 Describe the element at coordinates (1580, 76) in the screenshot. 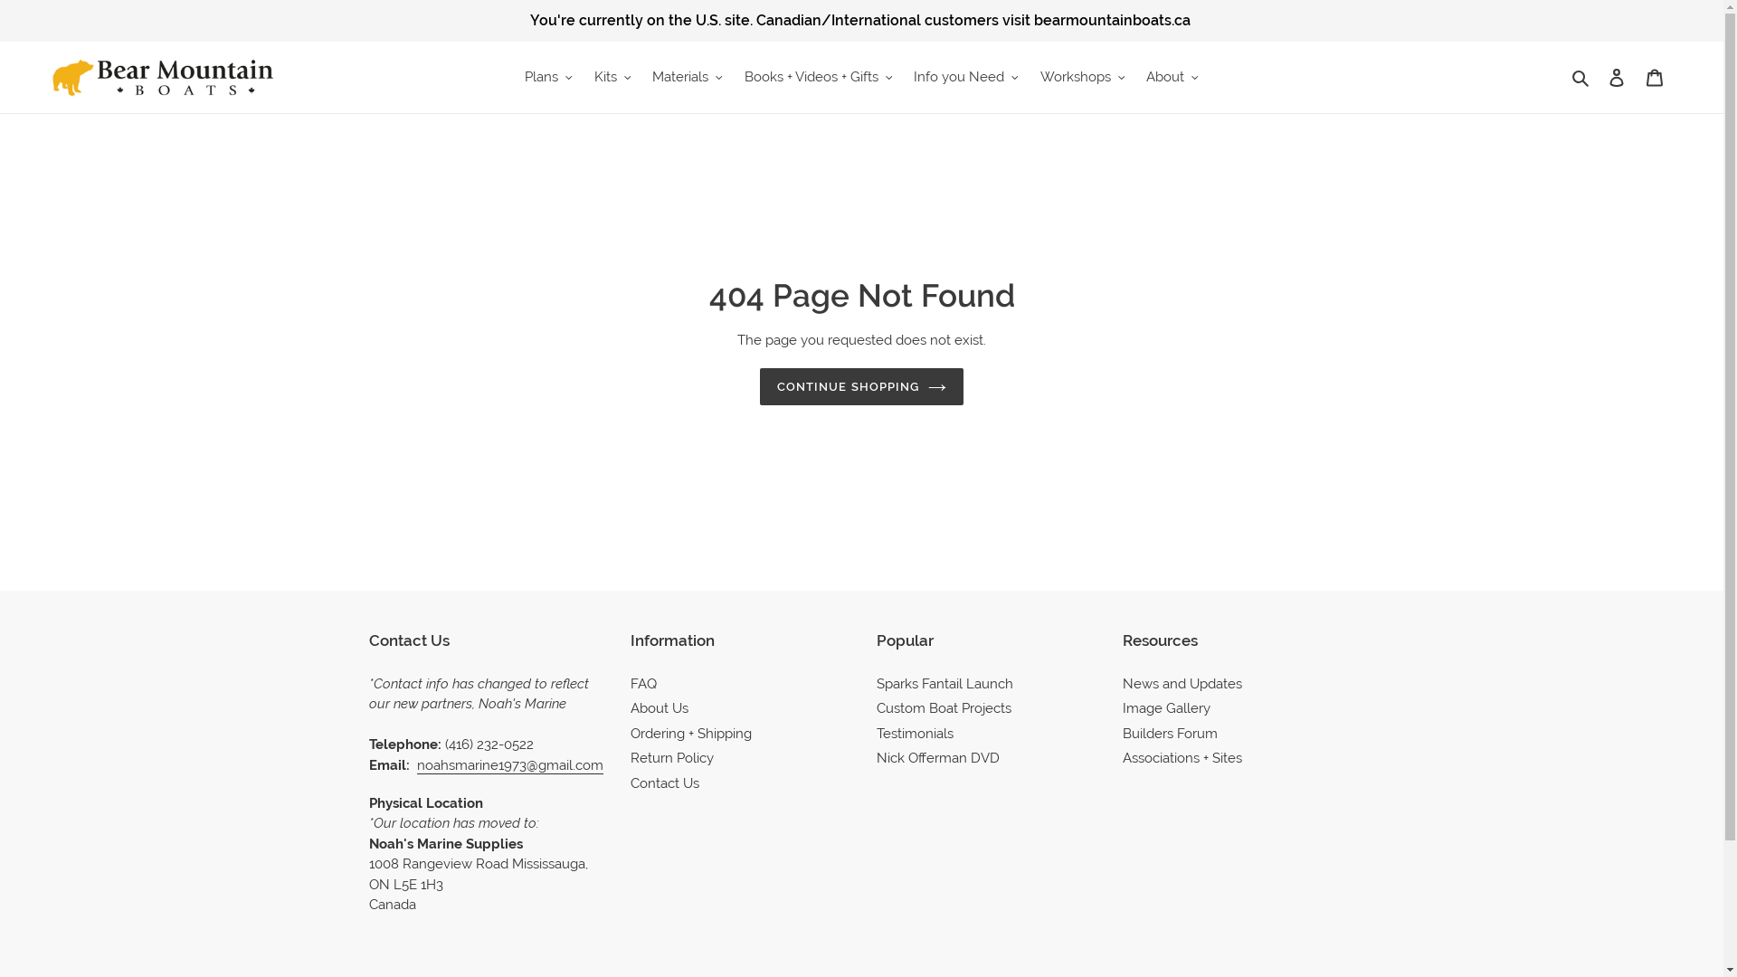

I see `'Search'` at that location.